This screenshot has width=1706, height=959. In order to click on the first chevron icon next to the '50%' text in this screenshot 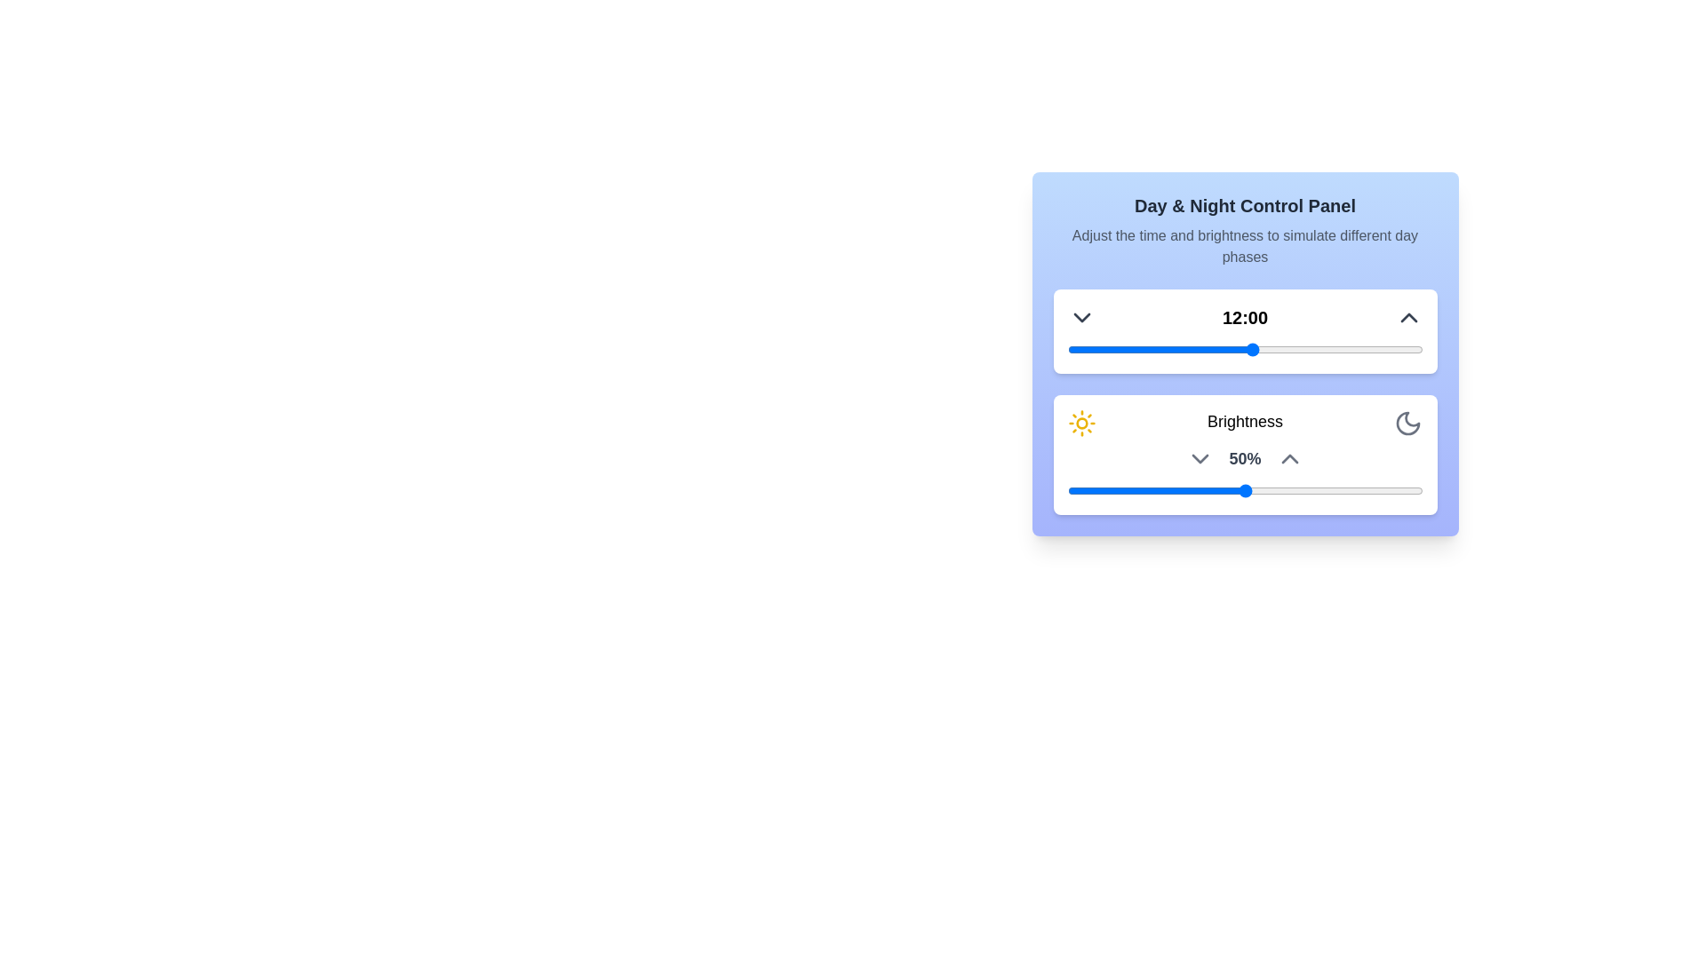, I will do `click(1200, 457)`.